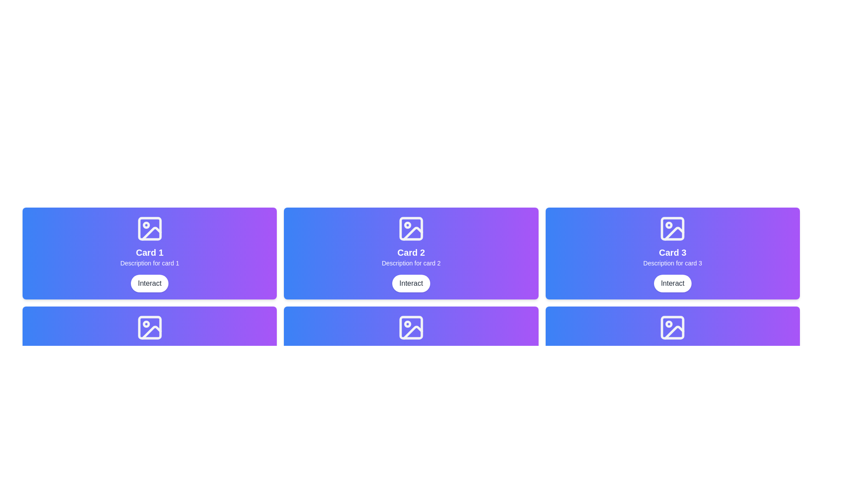 The width and height of the screenshot is (849, 477). I want to click on the button located directly below the text 'Description for card 2' in the second card of a horizontally aligned card layout, so click(411, 283).